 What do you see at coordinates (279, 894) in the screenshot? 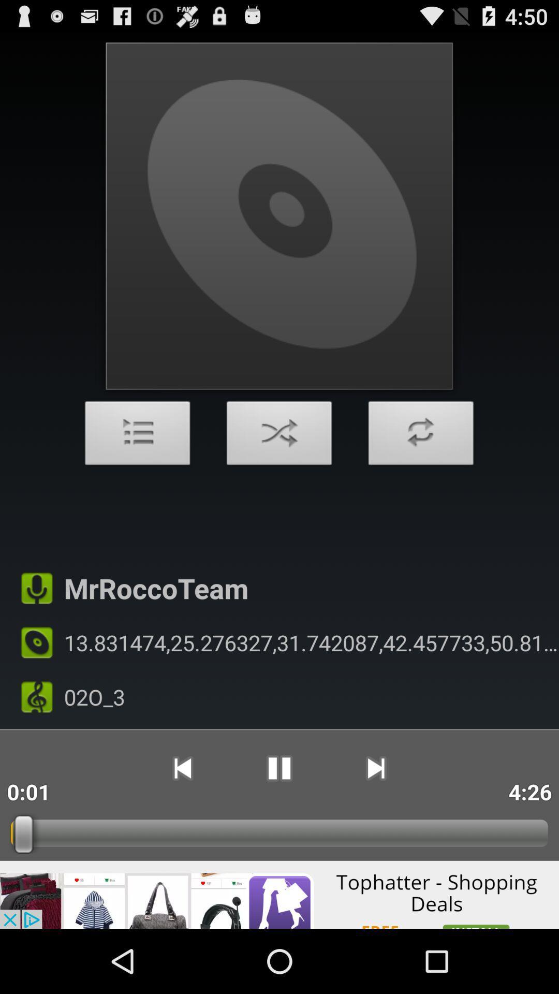
I see `advertisement` at bounding box center [279, 894].